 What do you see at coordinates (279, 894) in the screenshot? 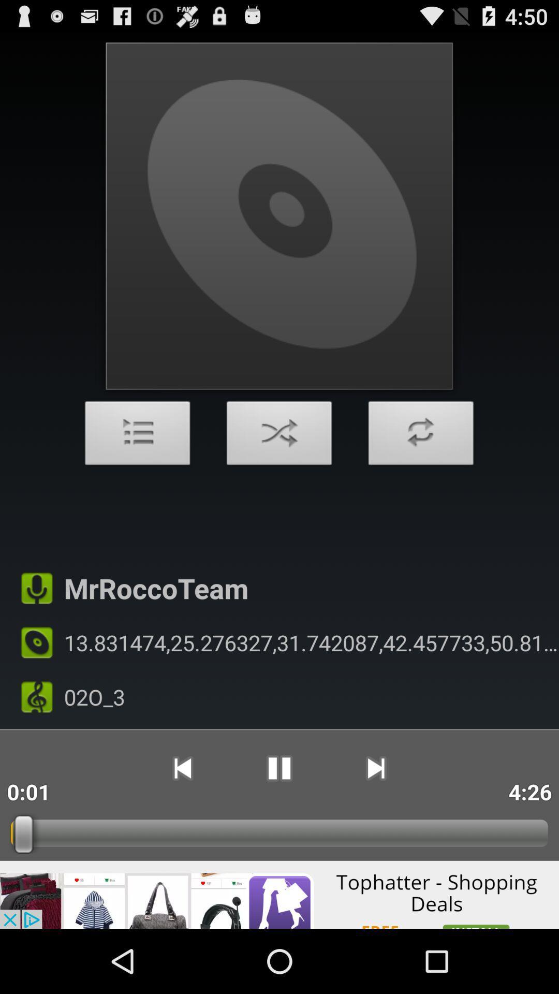
I see `advertisement` at bounding box center [279, 894].